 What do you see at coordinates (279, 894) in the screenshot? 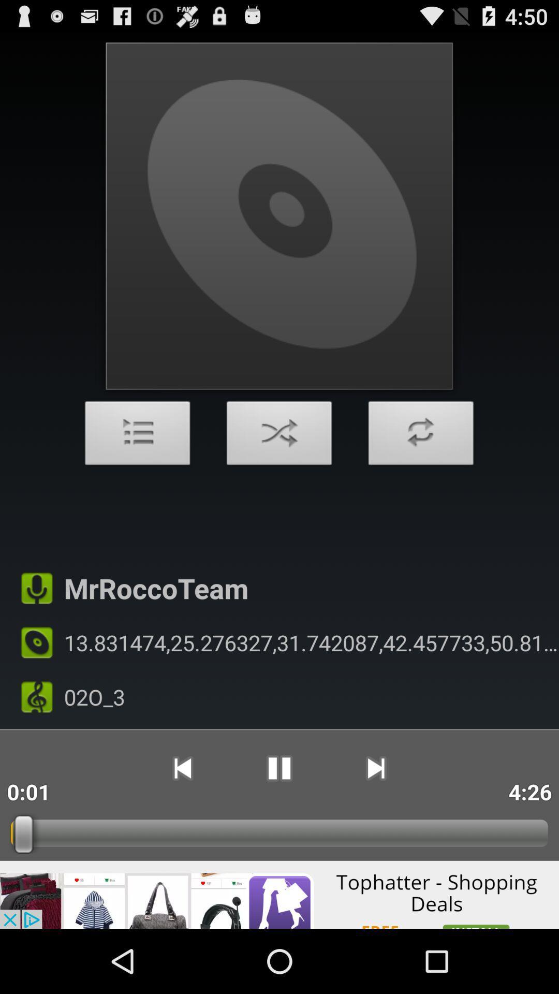
I see `advertisement` at bounding box center [279, 894].